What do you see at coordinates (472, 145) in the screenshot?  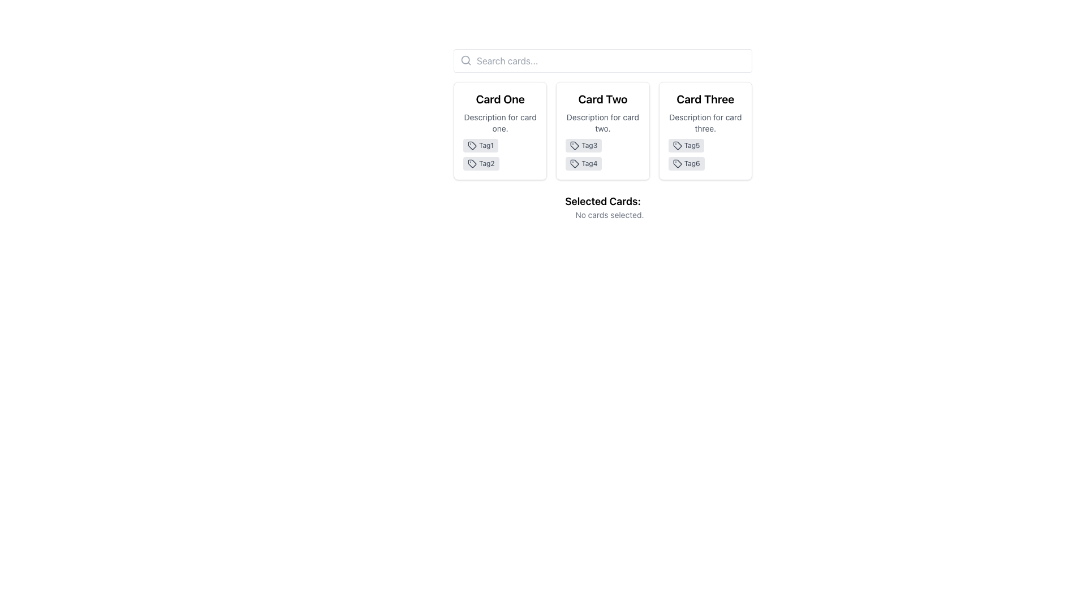 I see `the small gray tag icon located` at bounding box center [472, 145].